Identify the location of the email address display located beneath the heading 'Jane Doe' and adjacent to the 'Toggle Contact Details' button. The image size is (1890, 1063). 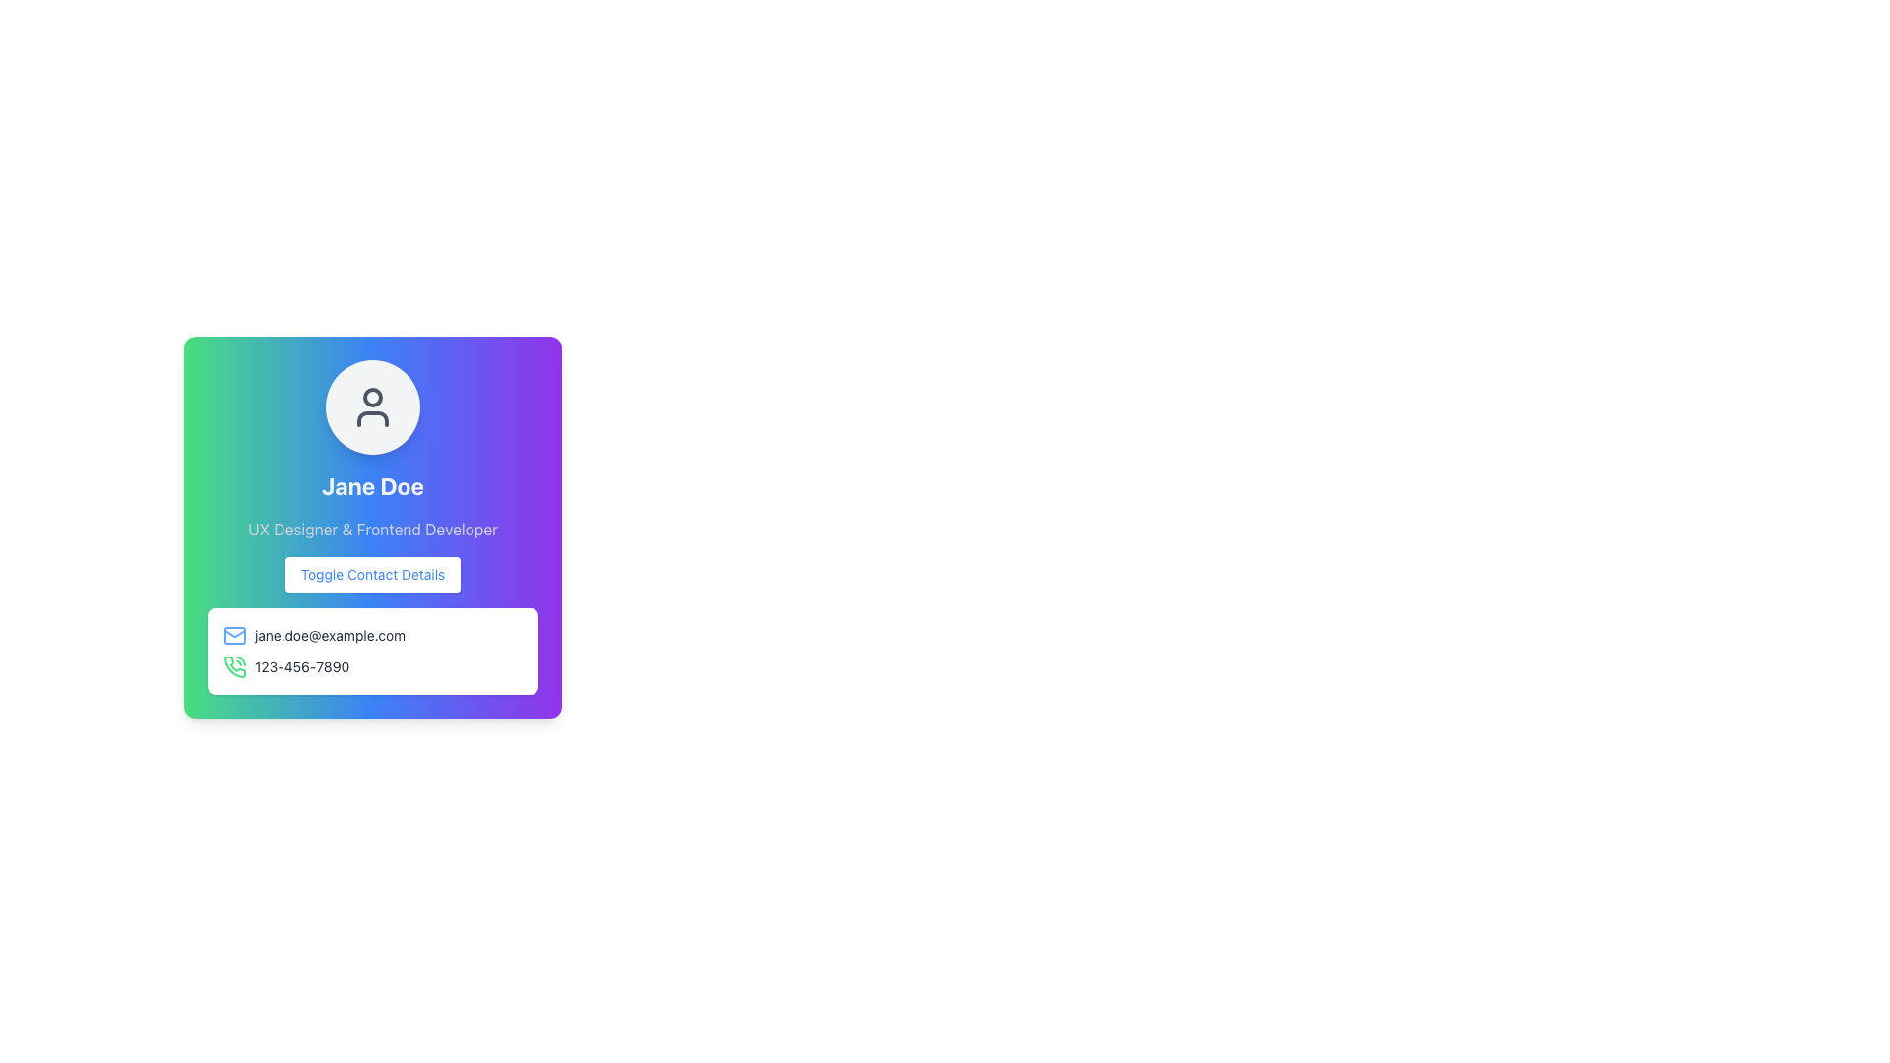
(330, 635).